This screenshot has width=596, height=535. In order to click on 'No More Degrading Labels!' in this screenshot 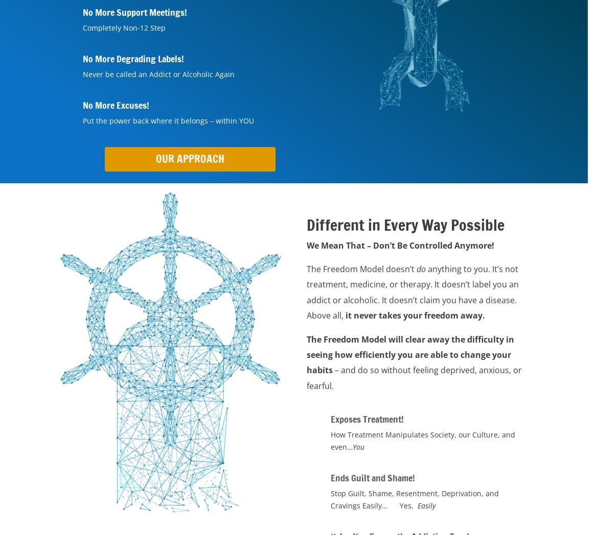, I will do `click(133, 58)`.